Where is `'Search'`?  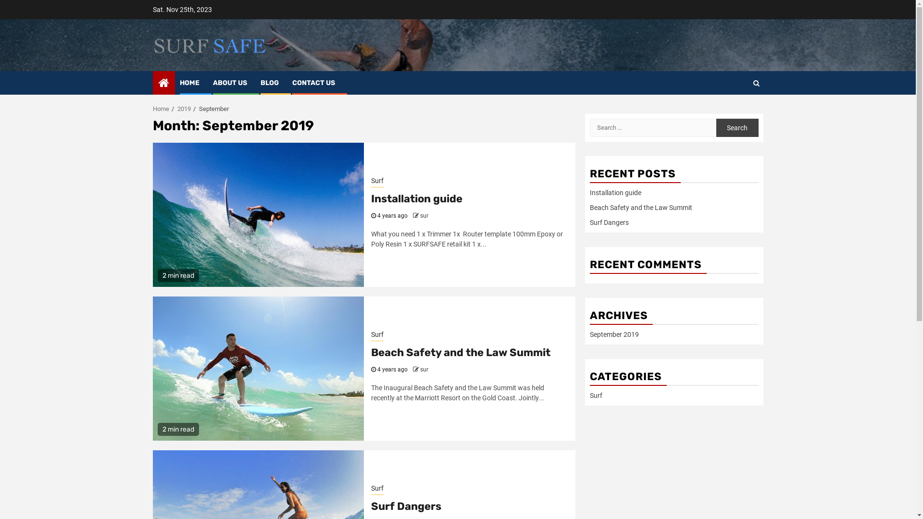 'Search' is located at coordinates (720, 111).